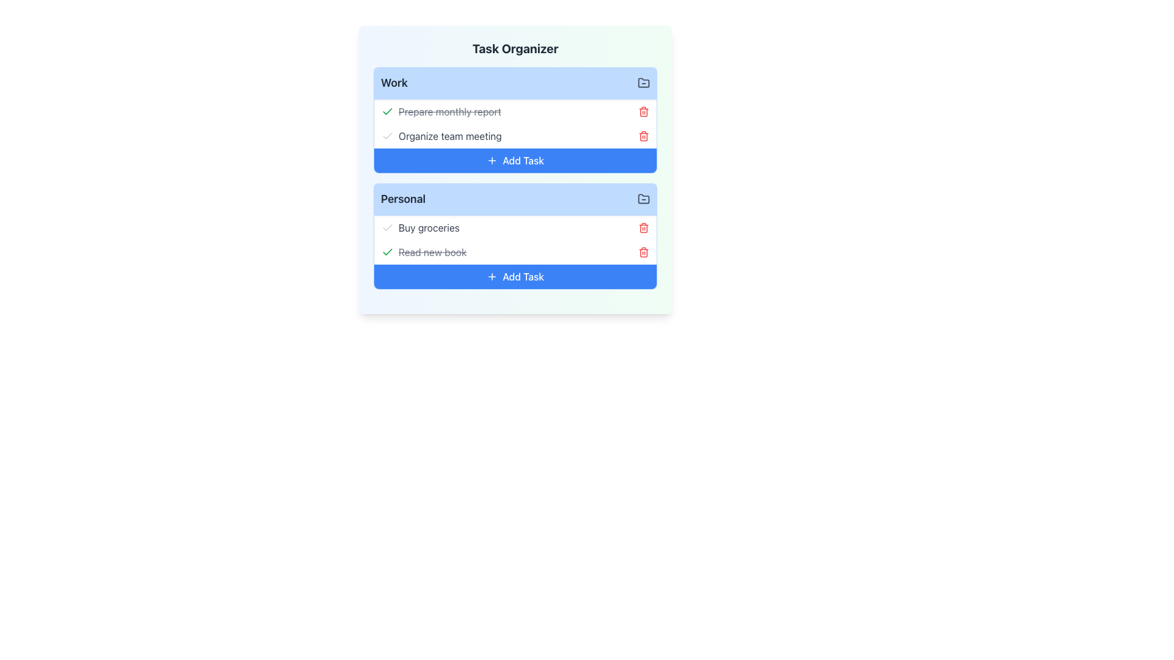  Describe the element at coordinates (386, 111) in the screenshot. I see `the completion icon for the 'Prepare monthly report' task located in the top-left corner adjacent to the associated text` at that location.